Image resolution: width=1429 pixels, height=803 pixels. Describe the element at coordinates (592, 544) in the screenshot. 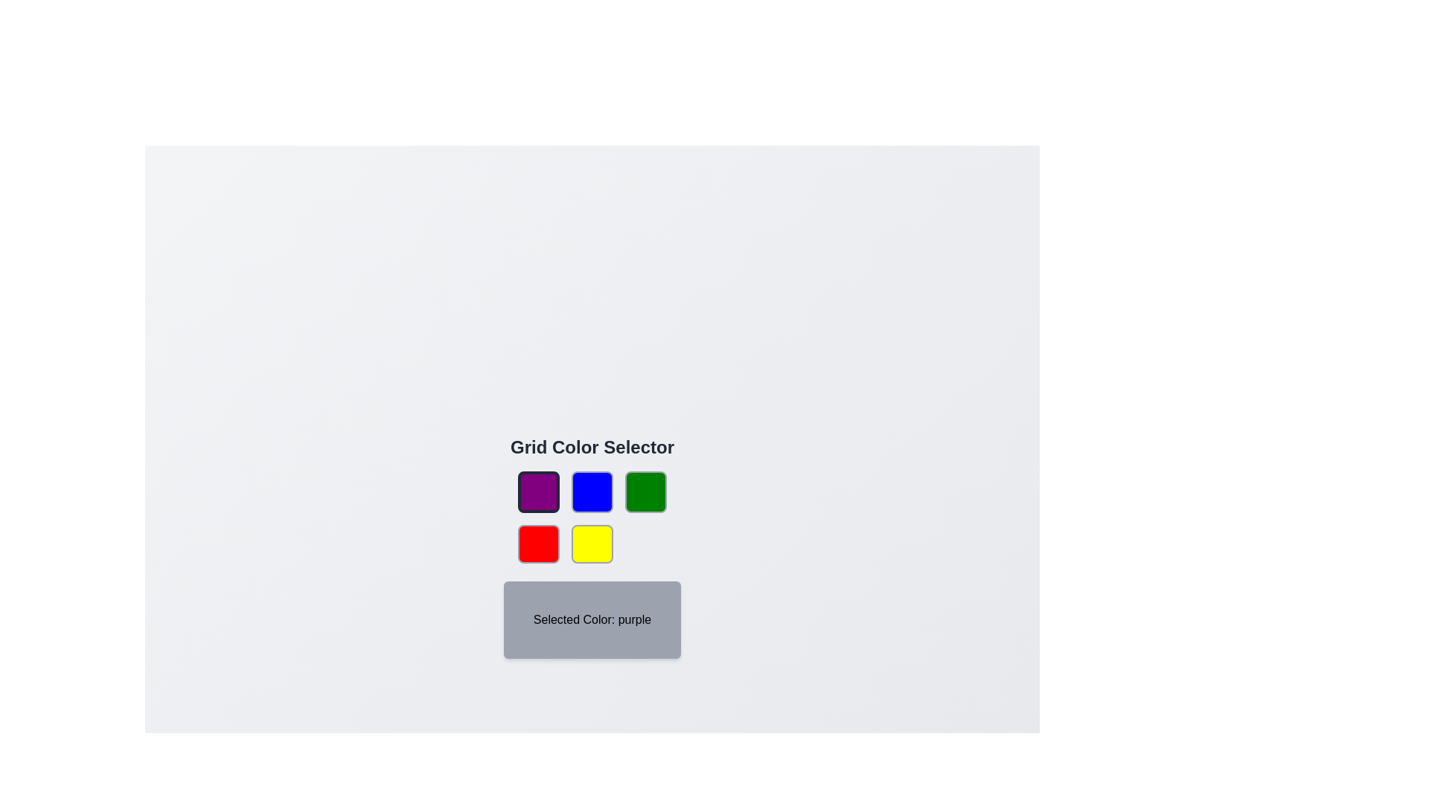

I see `the color button corresponding to yellow` at that location.